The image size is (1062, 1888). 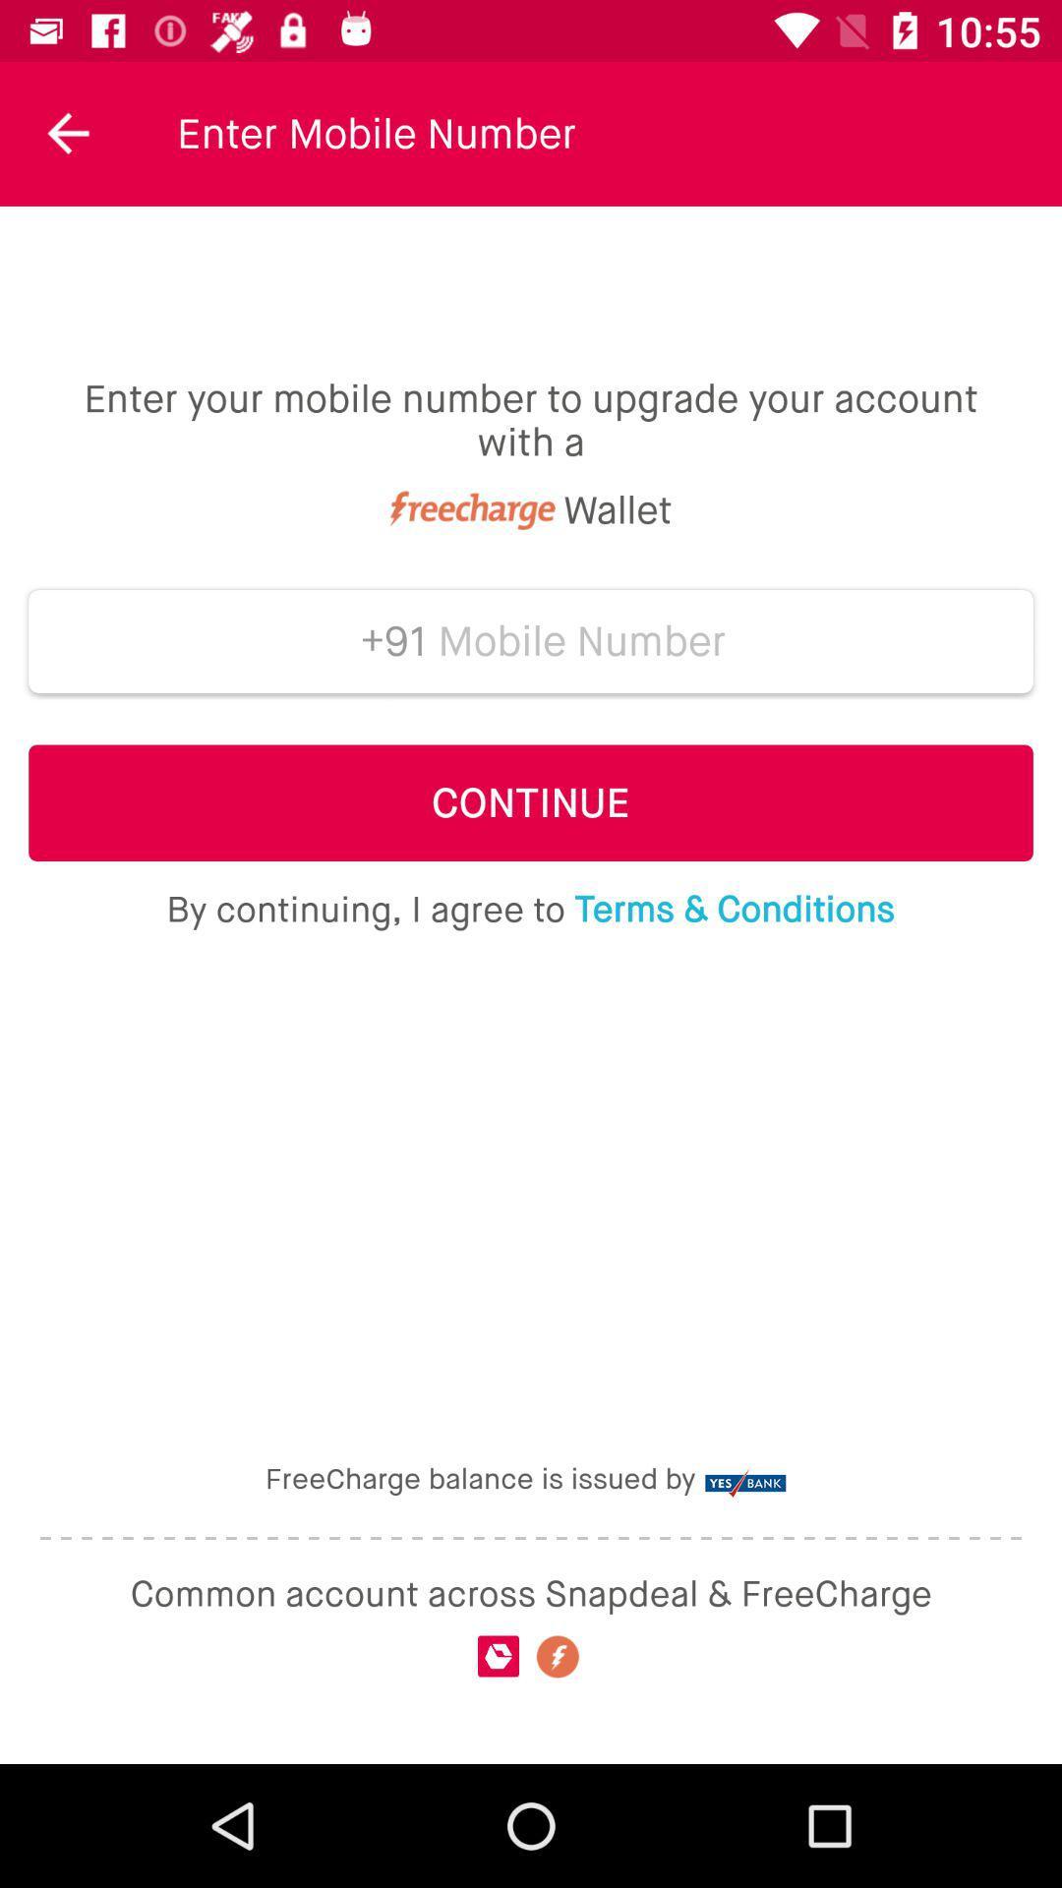 I want to click on the continue icon, so click(x=531, y=802).